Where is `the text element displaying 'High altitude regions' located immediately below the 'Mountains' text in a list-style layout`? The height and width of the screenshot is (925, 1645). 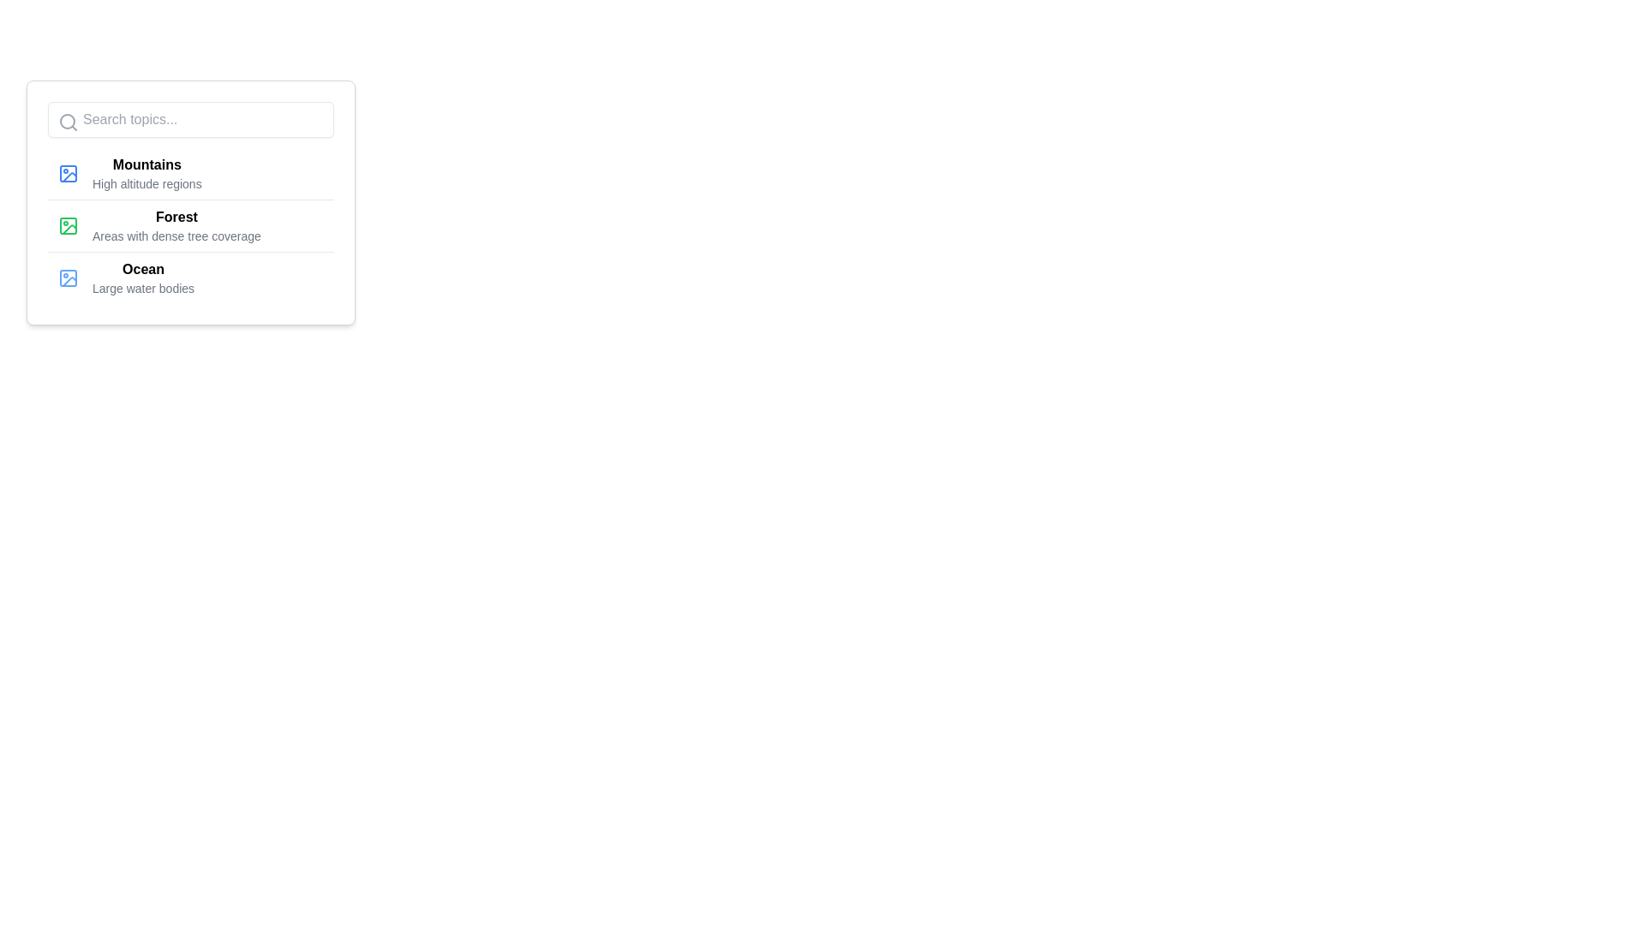
the text element displaying 'High altitude regions' located immediately below the 'Mountains' text in a list-style layout is located at coordinates (147, 184).